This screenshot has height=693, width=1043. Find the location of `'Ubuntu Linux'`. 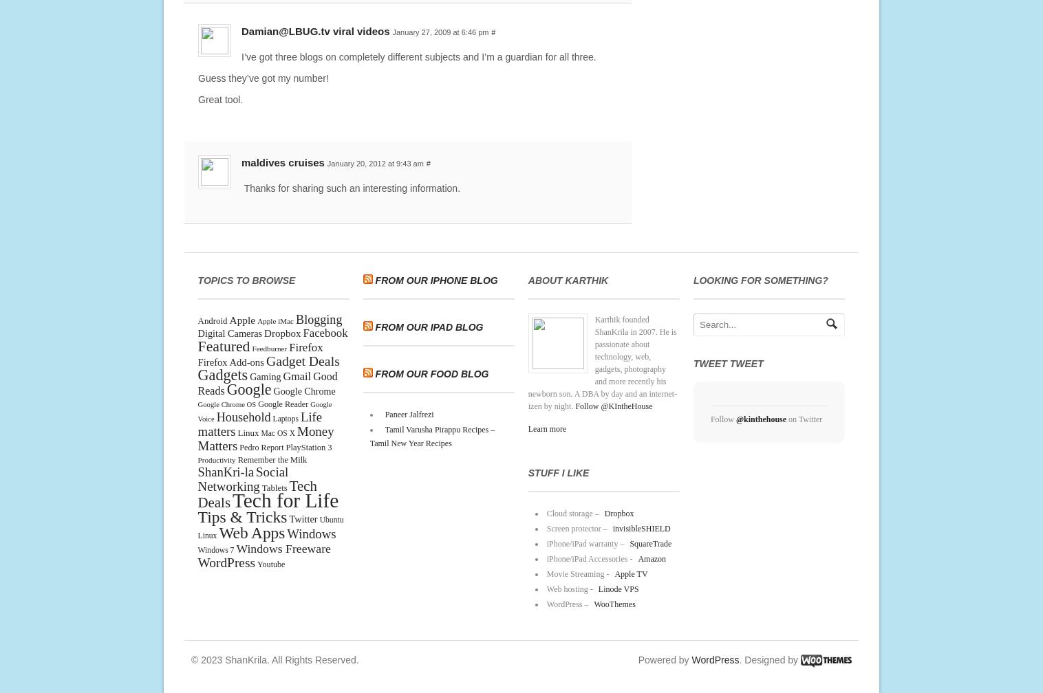

'Ubuntu Linux' is located at coordinates (269, 527).